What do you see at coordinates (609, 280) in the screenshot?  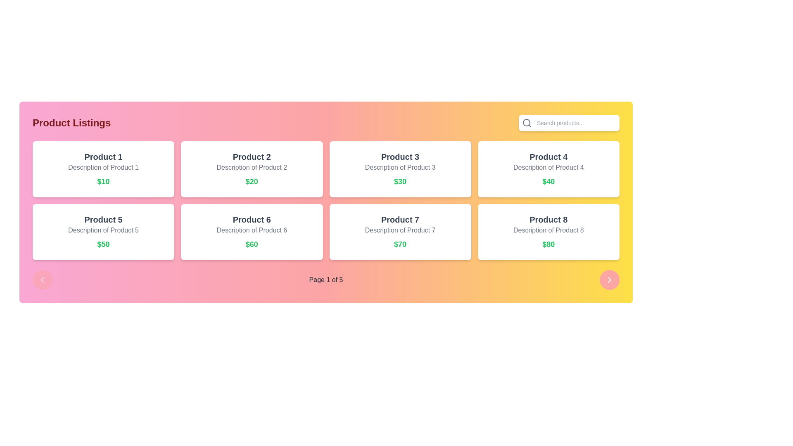 I see `the circular button with a red background and a white rightward arrow` at bounding box center [609, 280].